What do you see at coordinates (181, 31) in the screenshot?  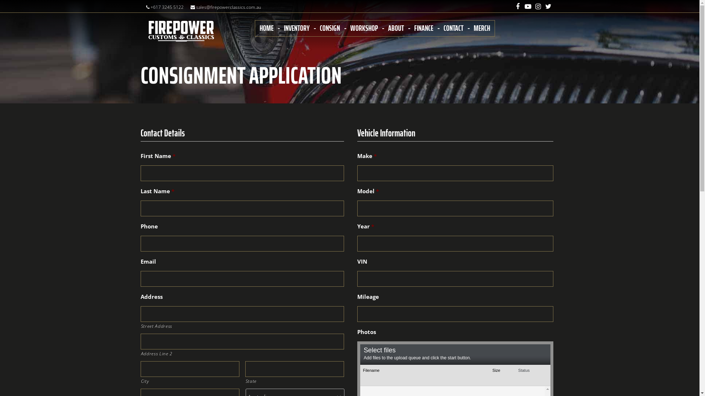 I see `'Firepower Customs & Classics homepage'` at bounding box center [181, 31].